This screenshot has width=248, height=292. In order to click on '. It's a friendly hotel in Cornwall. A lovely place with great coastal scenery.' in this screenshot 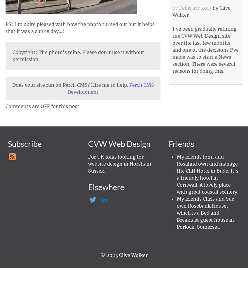, I will do `click(207, 181)`.